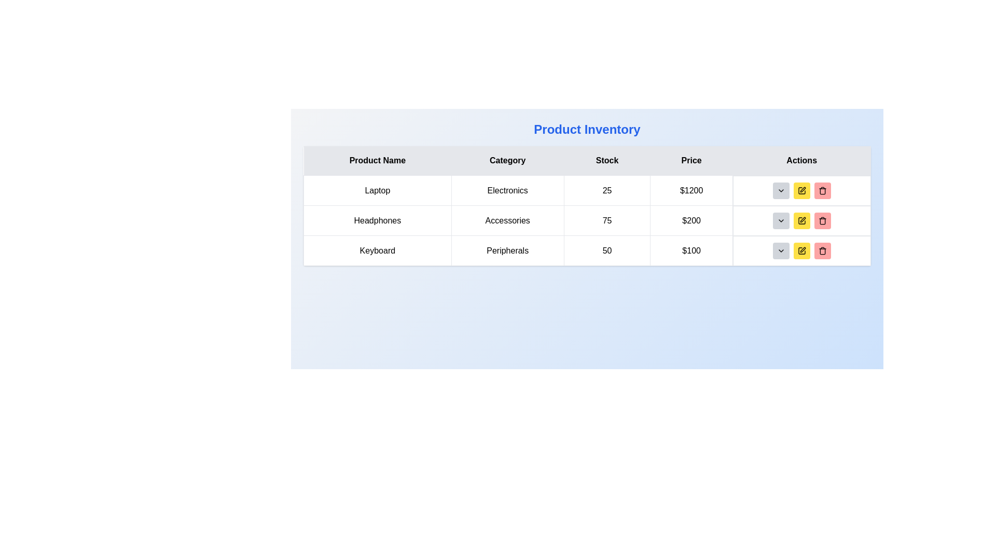 This screenshot has width=996, height=560. Describe the element at coordinates (801, 220) in the screenshot. I see `the 'Edit' button located in the 'Actions' column of the second row in the table` at that location.